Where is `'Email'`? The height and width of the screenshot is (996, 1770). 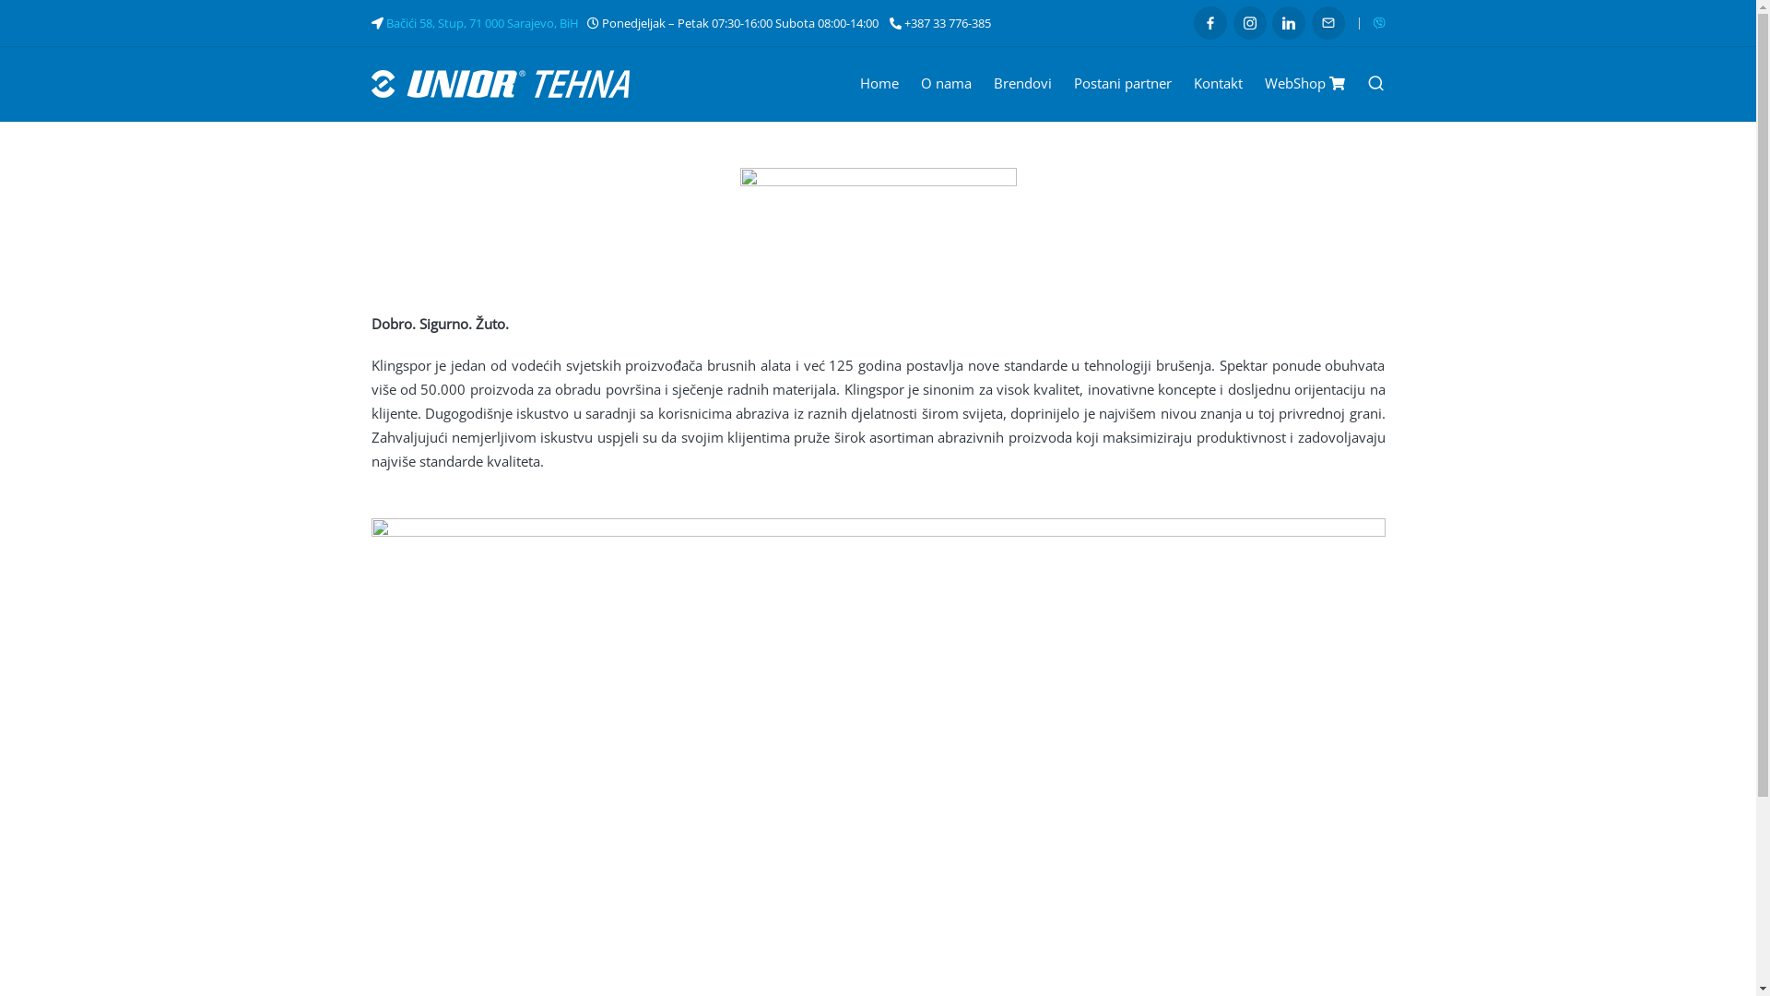
'Email' is located at coordinates (1327, 22).